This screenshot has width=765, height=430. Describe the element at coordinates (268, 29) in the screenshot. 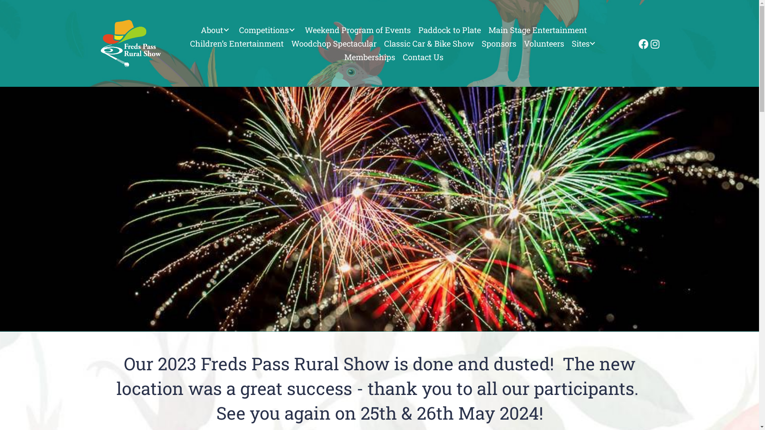

I see `'Competitions'` at that location.